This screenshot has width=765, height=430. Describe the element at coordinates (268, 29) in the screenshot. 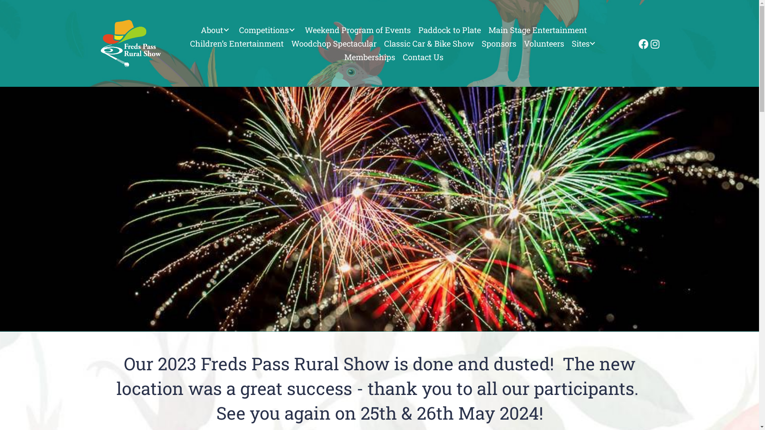

I see `'Competitions'` at that location.